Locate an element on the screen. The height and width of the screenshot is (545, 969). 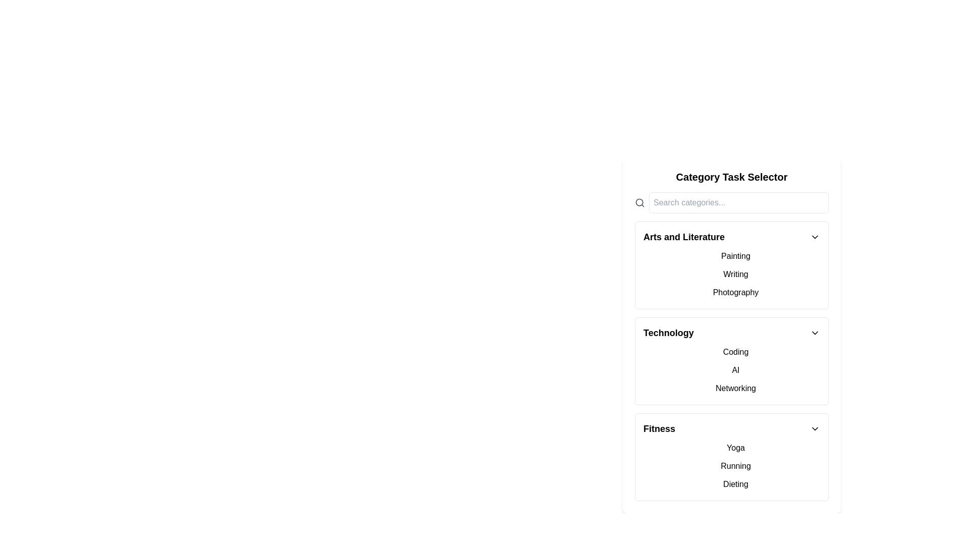
the list item labeled 'Running' which is the second item under the 'Fitness' dropdown section is located at coordinates (736, 466).